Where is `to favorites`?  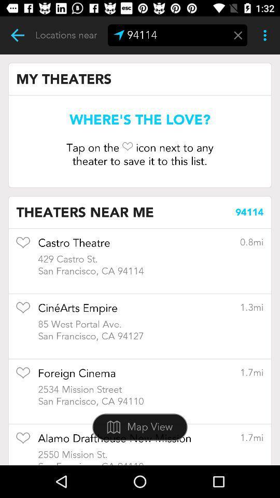
to favorites is located at coordinates (23, 376).